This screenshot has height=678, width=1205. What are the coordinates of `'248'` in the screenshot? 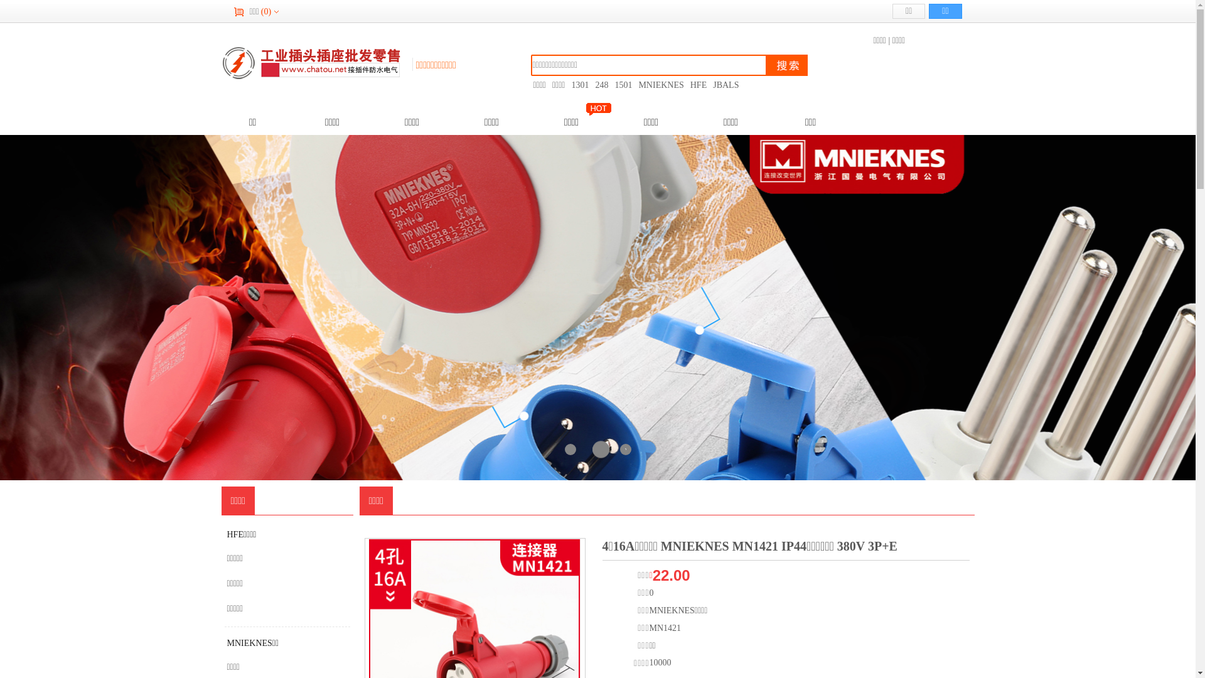 It's located at (601, 85).